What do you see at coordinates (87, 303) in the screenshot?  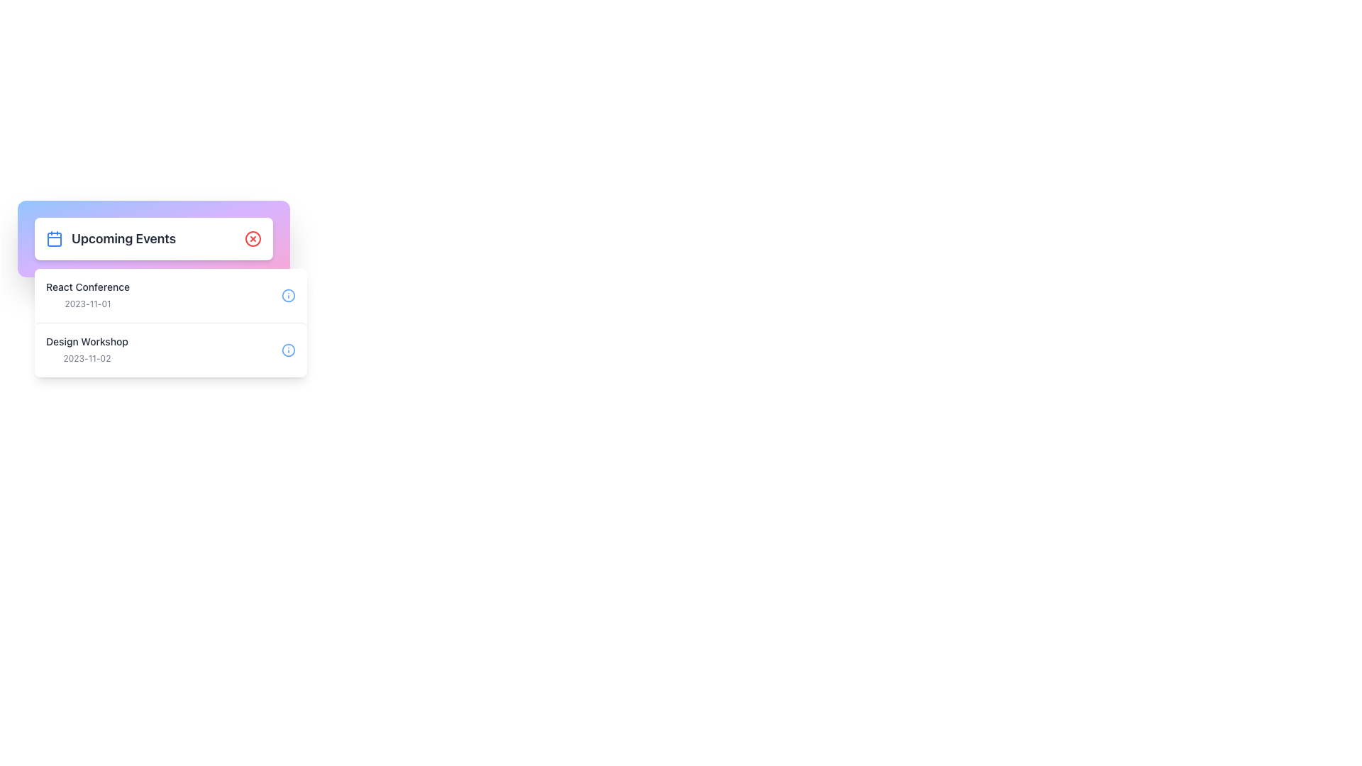 I see `static text displaying the date for the 'React Conference' event, which is positioned under the 'Upcoming Events' section` at bounding box center [87, 303].